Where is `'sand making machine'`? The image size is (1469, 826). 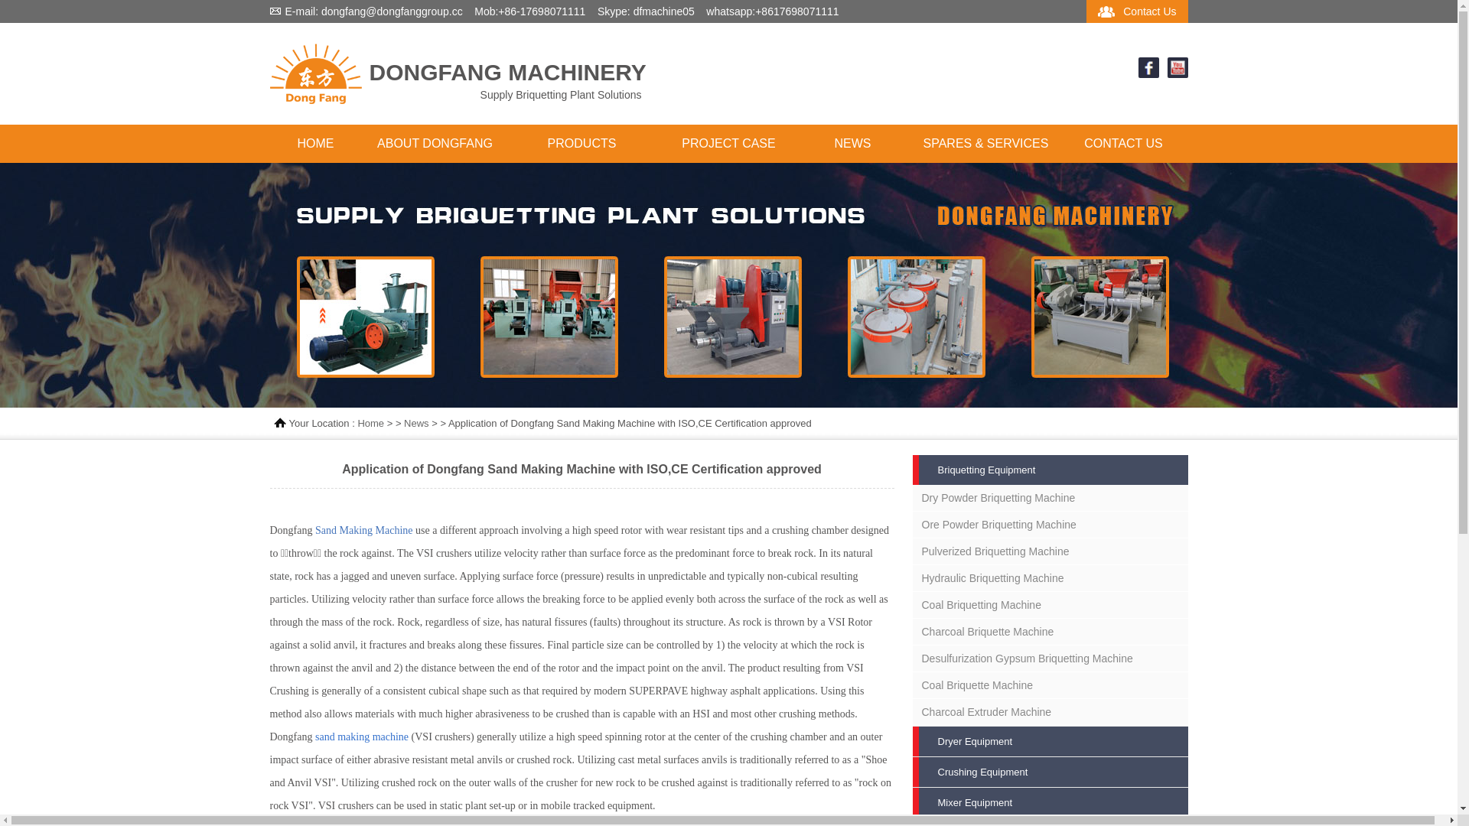 'sand making machine' is located at coordinates (361, 736).